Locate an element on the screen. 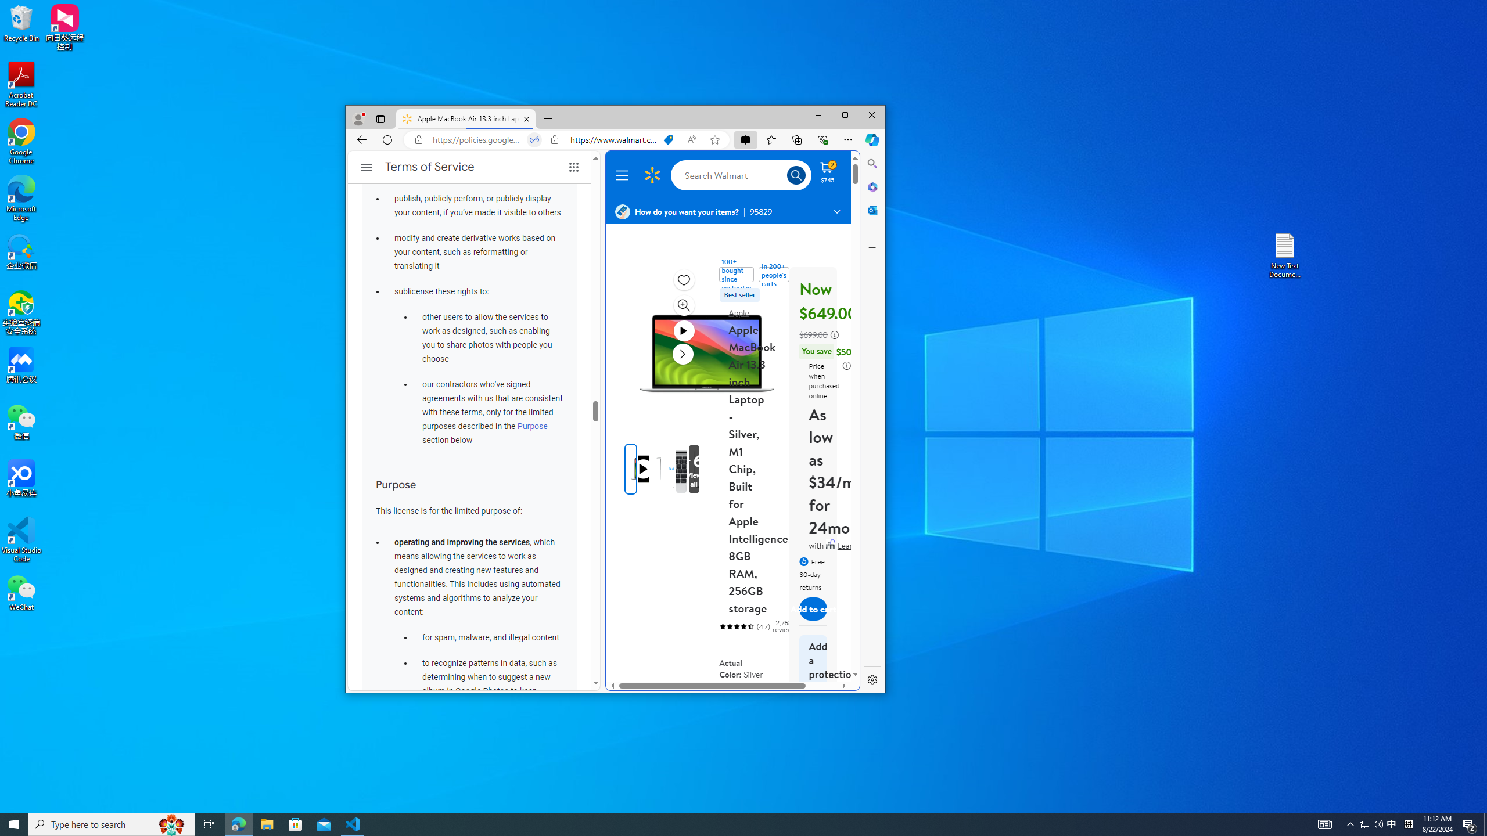 The height and width of the screenshot is (836, 1487). 'View all media' is located at coordinates (694, 469).